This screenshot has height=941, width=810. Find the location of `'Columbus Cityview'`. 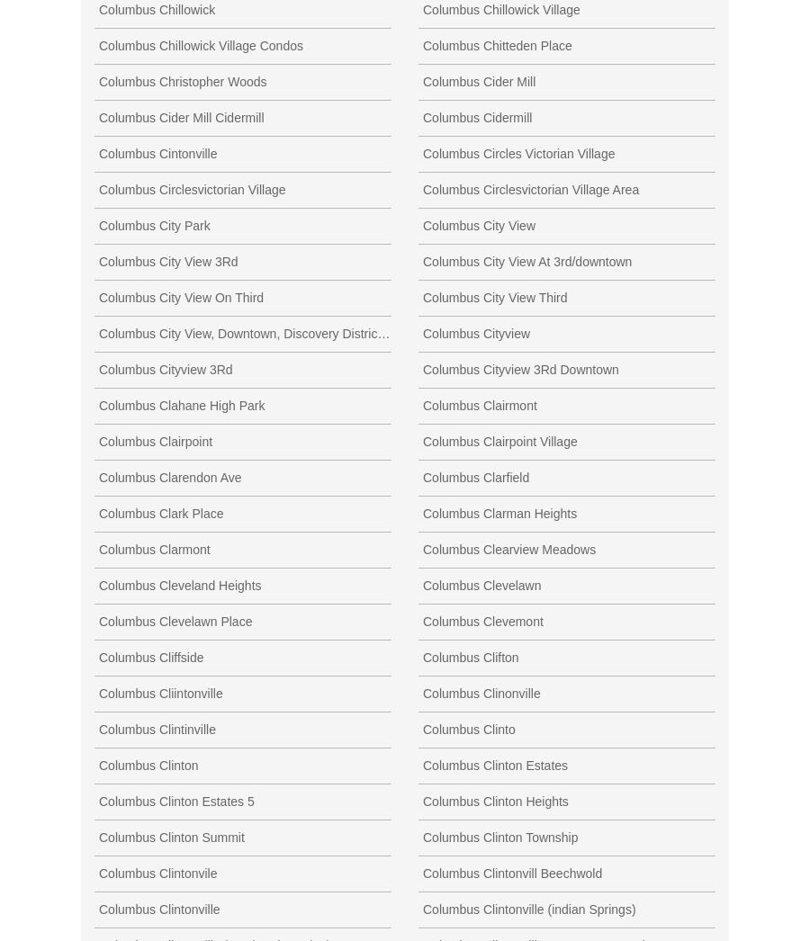

'Columbus Cityview' is located at coordinates (475, 332).